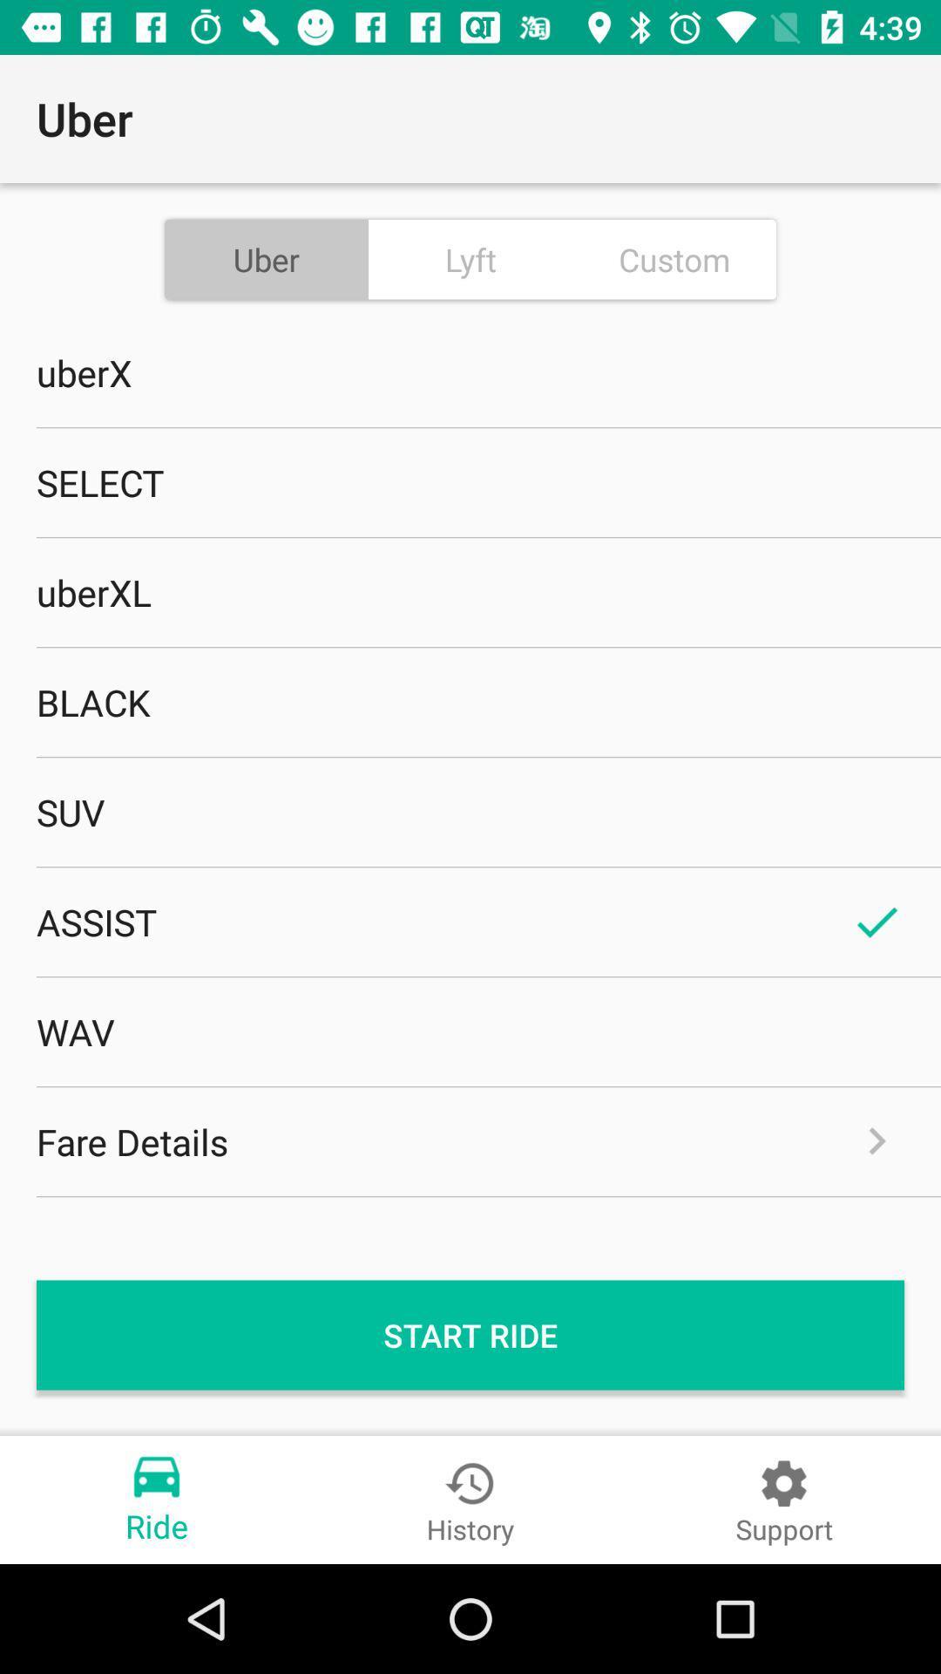  I want to click on icon next to lyft, so click(674, 258).